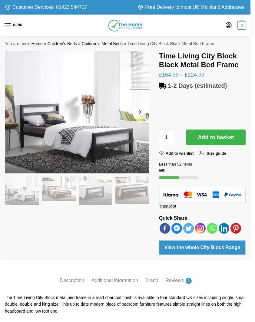 This screenshot has width=255, height=322. What do you see at coordinates (54, 119) in the screenshot?
I see `'Enquiry Details'` at bounding box center [54, 119].